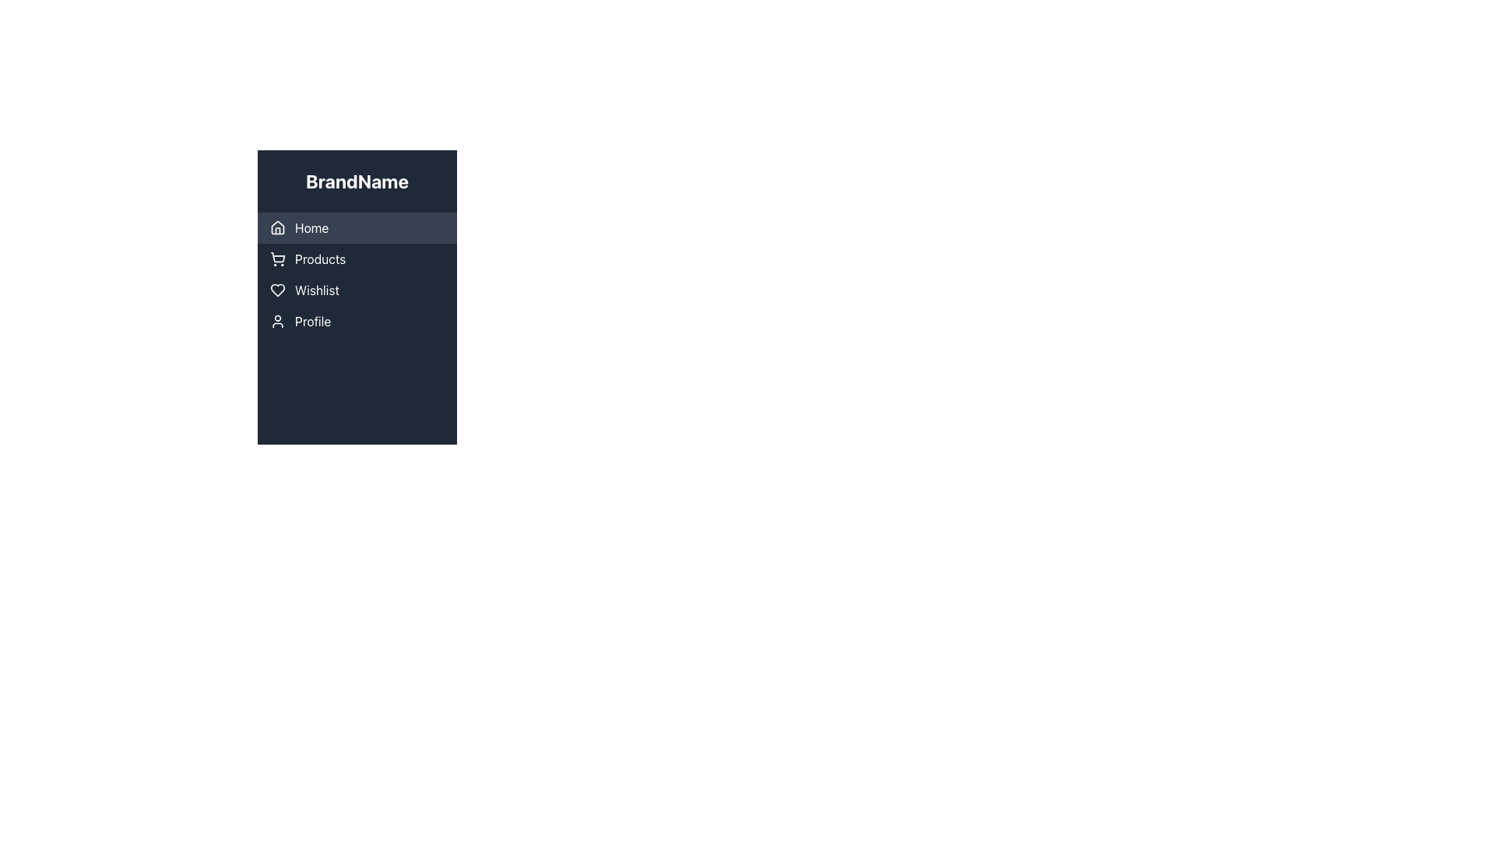  I want to click on the 'Wishlist' button in the sidebar navigation menu, so click(357, 290).